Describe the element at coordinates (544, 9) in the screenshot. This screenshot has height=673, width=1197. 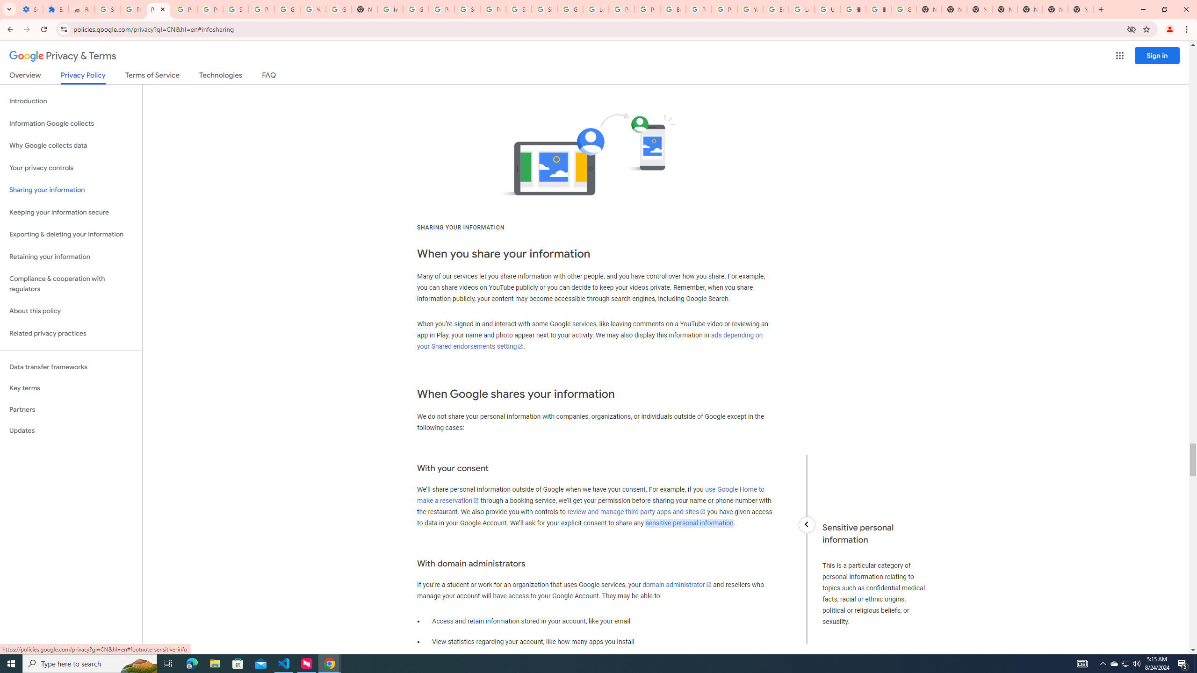
I see `'Sign in - Google Accounts'` at that location.